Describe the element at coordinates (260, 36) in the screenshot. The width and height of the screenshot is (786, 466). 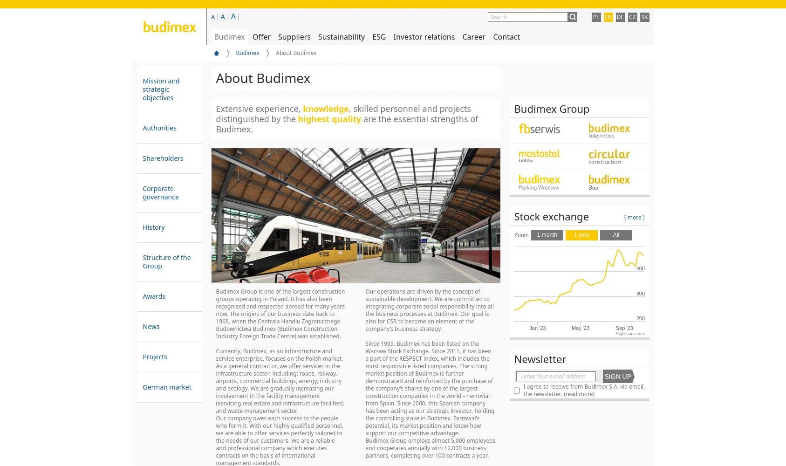
I see `'Offer'` at that location.